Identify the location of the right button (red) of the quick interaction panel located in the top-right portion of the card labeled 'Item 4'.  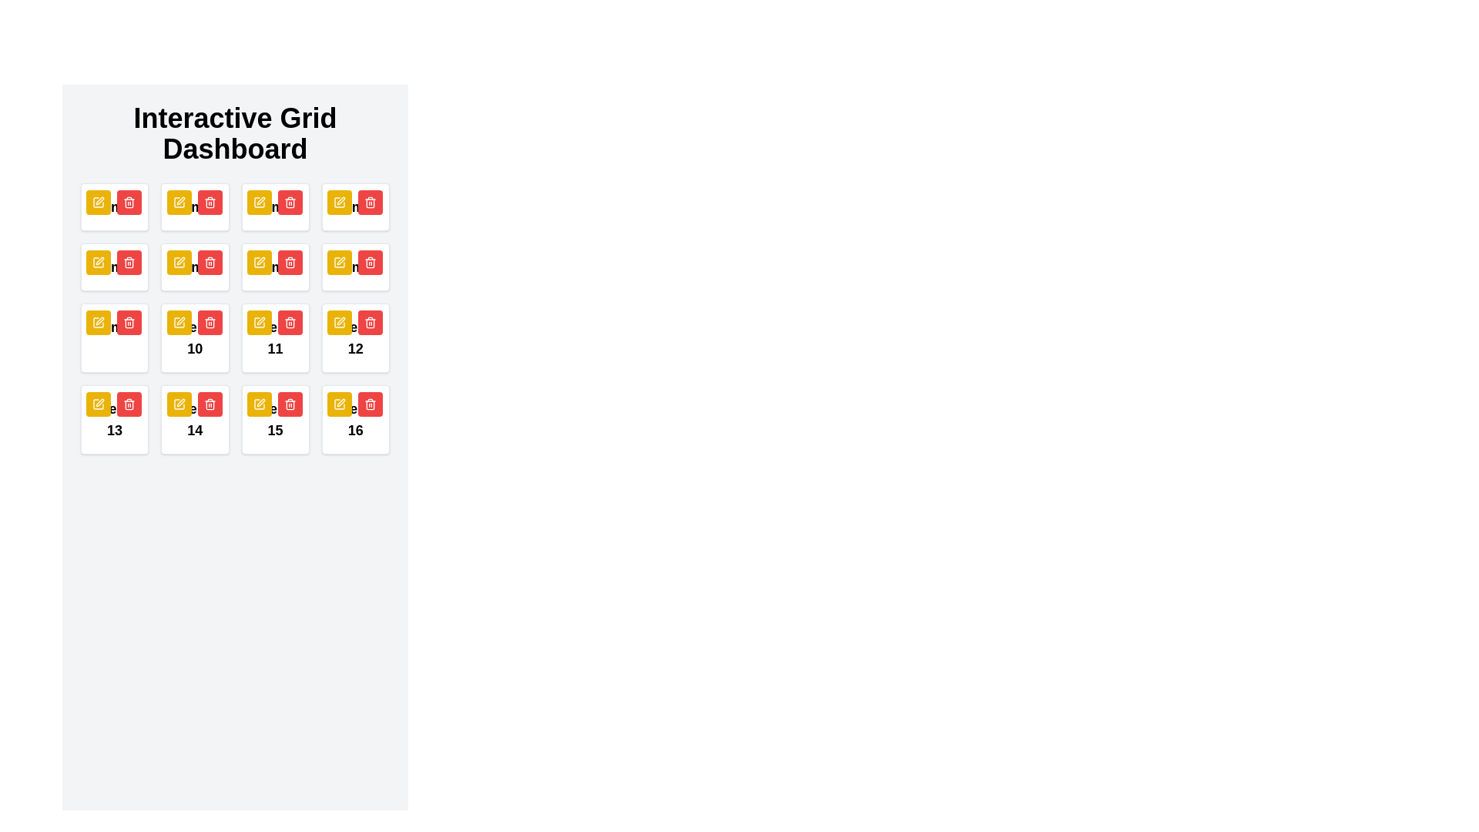
(354, 201).